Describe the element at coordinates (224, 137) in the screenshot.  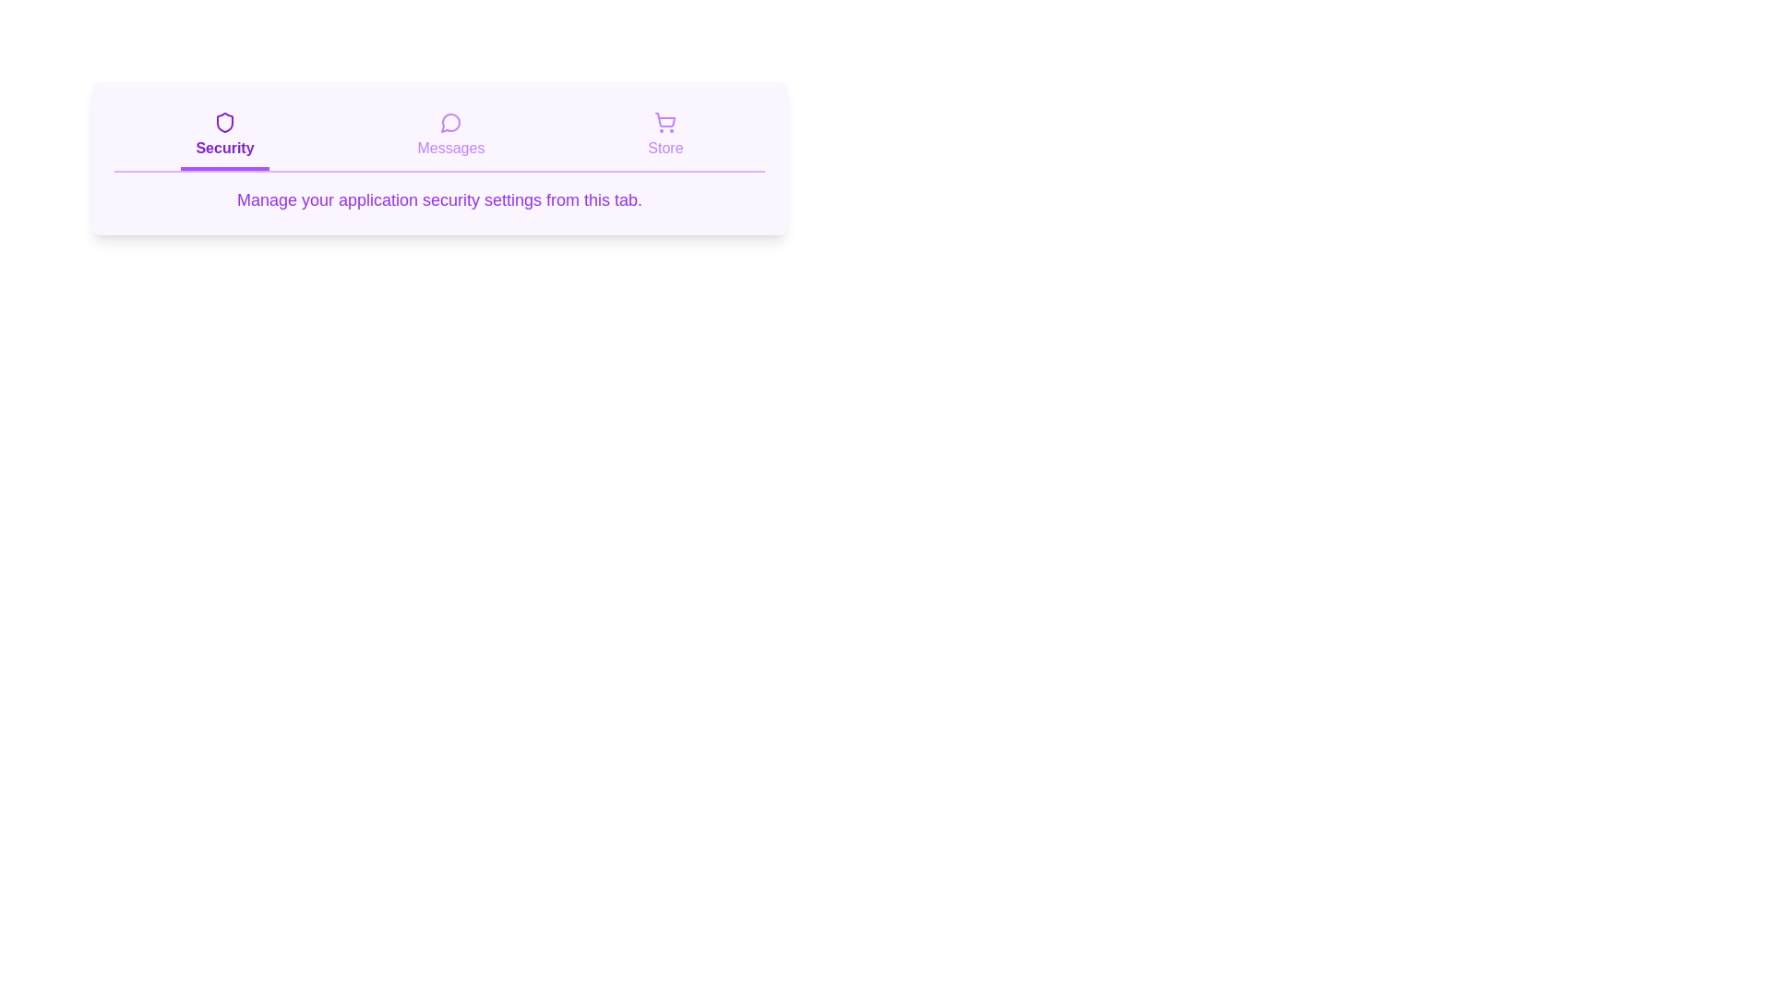
I see `the tab labeled Security` at that location.